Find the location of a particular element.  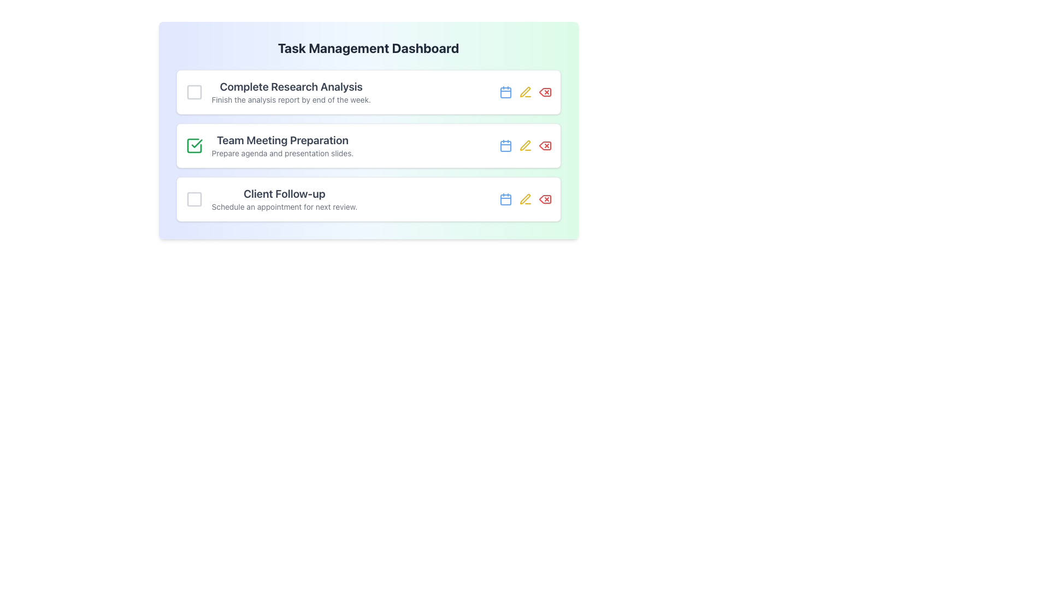

the calendar icon located in the third task row of the Task Management Dashboard, positioned to the right of 'Client Follow-up' is located at coordinates (505, 199).